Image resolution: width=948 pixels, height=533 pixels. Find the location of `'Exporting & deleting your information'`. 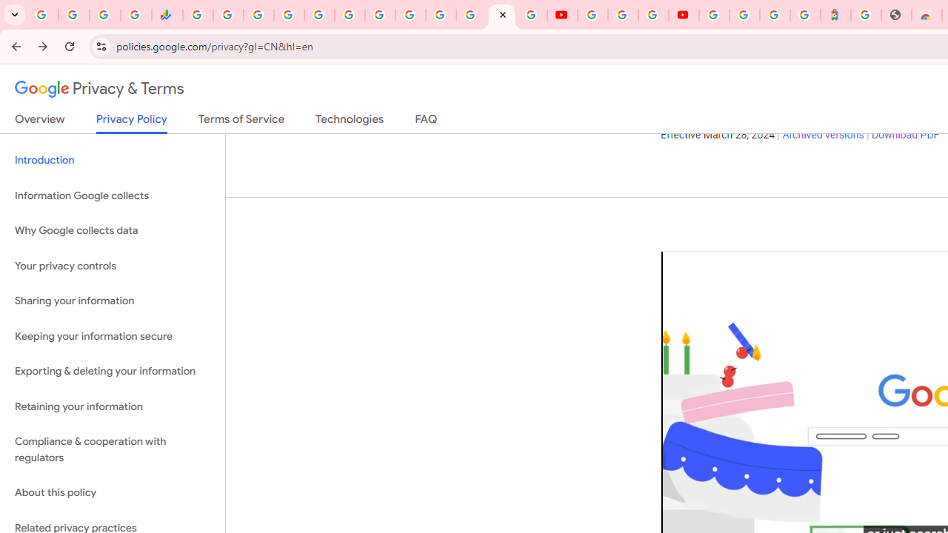

'Exporting & deleting your information' is located at coordinates (112, 371).